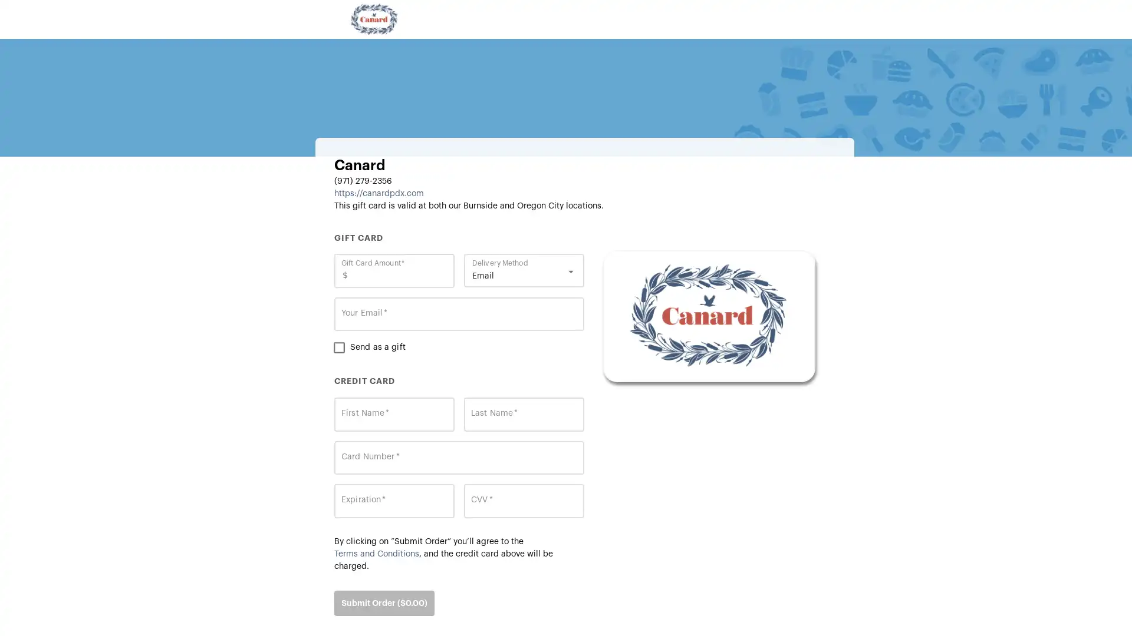  Describe the element at coordinates (384, 602) in the screenshot. I see `Submit Order ($0.00)` at that location.